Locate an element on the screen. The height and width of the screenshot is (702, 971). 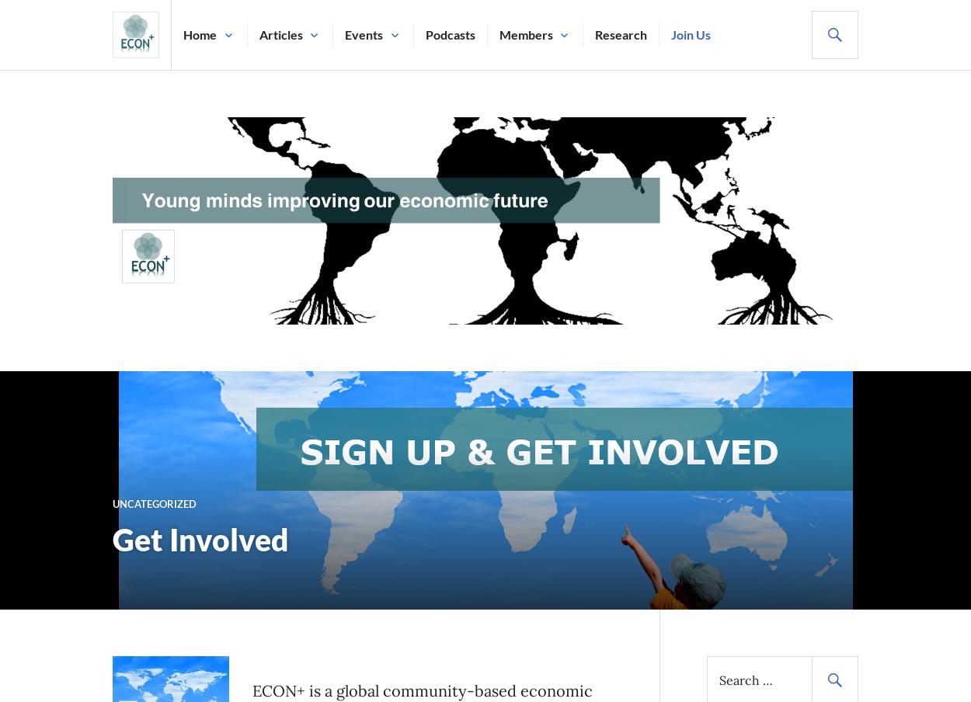
'Get Involved' is located at coordinates (113, 538).